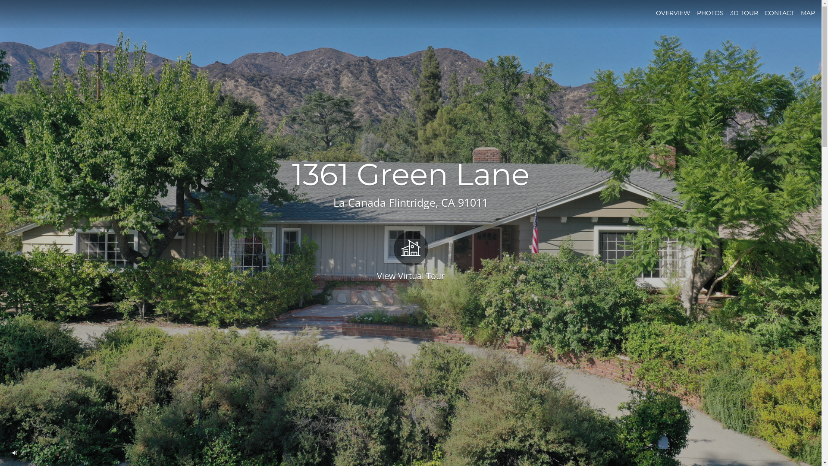 Image resolution: width=828 pixels, height=466 pixels. Describe the element at coordinates (410, 255) in the screenshot. I see `'View Virtual Tour'` at that location.